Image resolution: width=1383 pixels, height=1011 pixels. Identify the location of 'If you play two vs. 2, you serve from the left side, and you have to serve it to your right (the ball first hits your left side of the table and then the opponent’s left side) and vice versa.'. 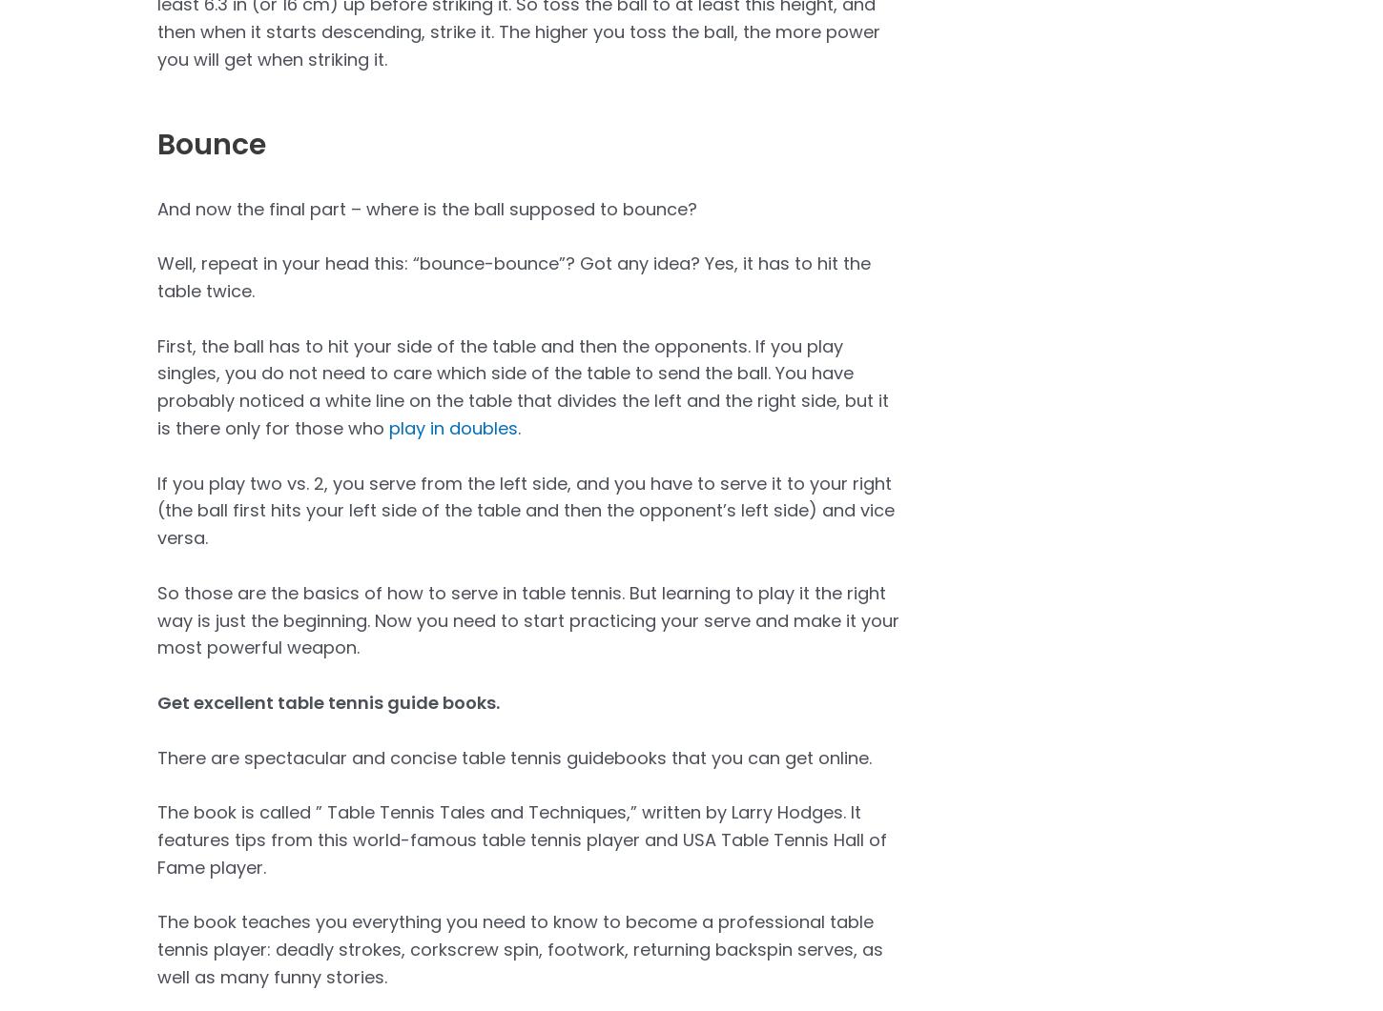
(156, 509).